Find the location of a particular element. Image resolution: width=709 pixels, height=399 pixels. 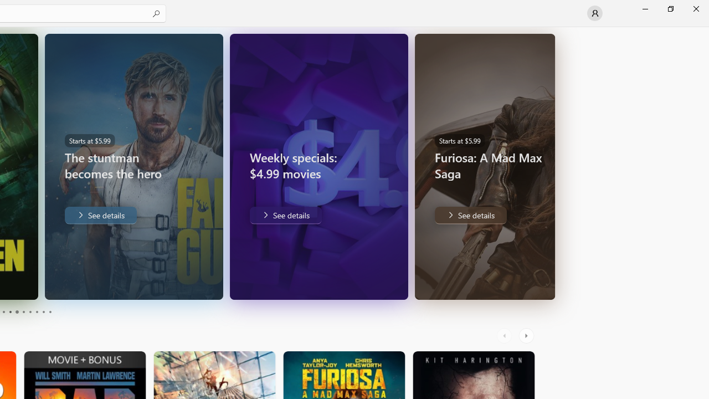

'Page 4' is located at coordinates (9, 312).